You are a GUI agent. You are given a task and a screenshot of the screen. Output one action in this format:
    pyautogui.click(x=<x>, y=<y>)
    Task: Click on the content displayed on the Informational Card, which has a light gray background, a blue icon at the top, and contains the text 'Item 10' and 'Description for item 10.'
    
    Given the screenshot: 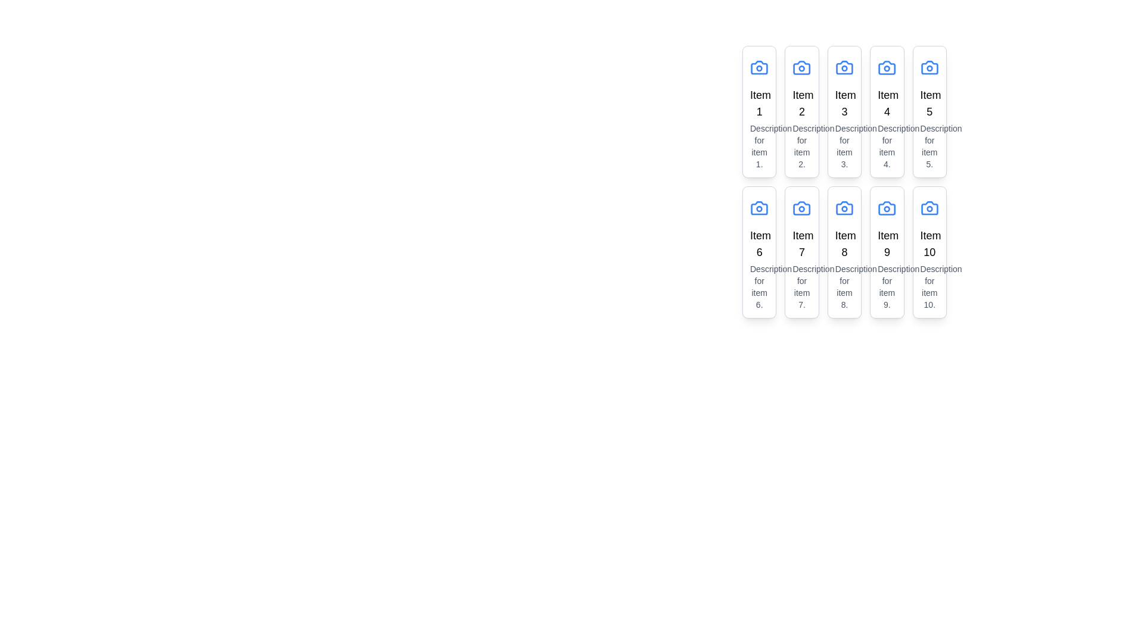 What is the action you would take?
    pyautogui.click(x=929, y=252)
    